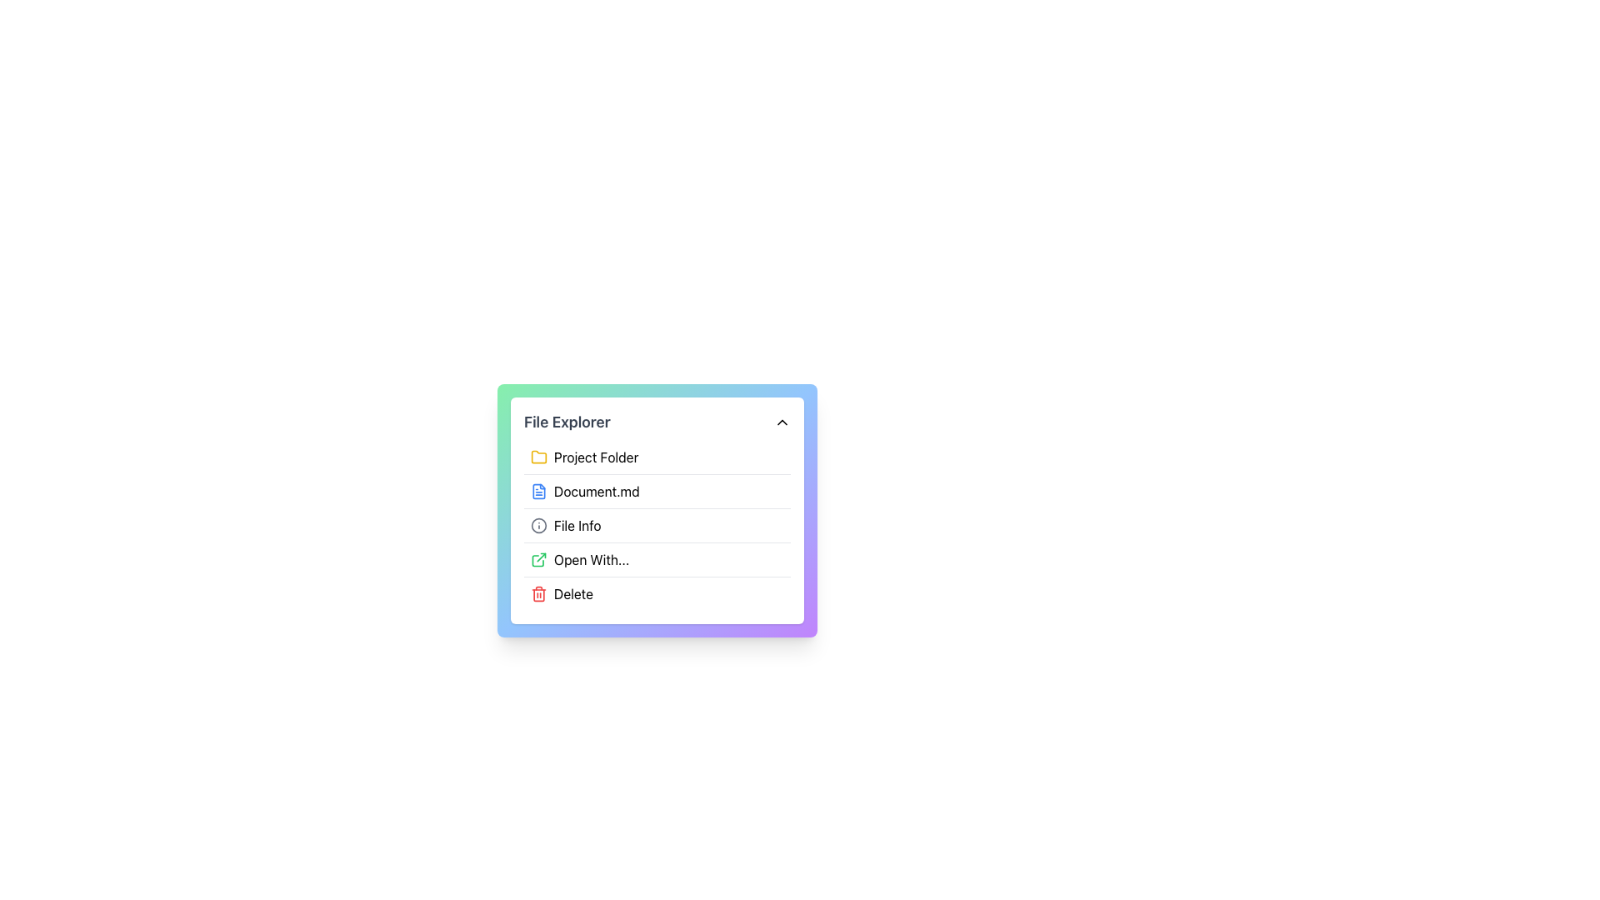 This screenshot has height=900, width=1600. What do you see at coordinates (596, 491) in the screenshot?
I see `the 'Document.md' text label in the 'File Explorer' pop-up menu` at bounding box center [596, 491].